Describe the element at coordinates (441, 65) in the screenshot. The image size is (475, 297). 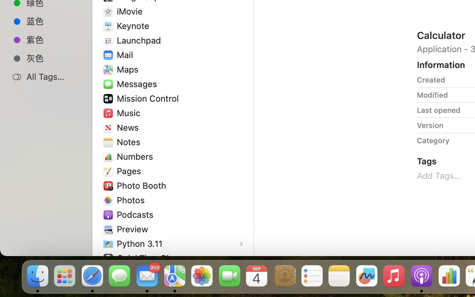
I see `'Information'` at that location.